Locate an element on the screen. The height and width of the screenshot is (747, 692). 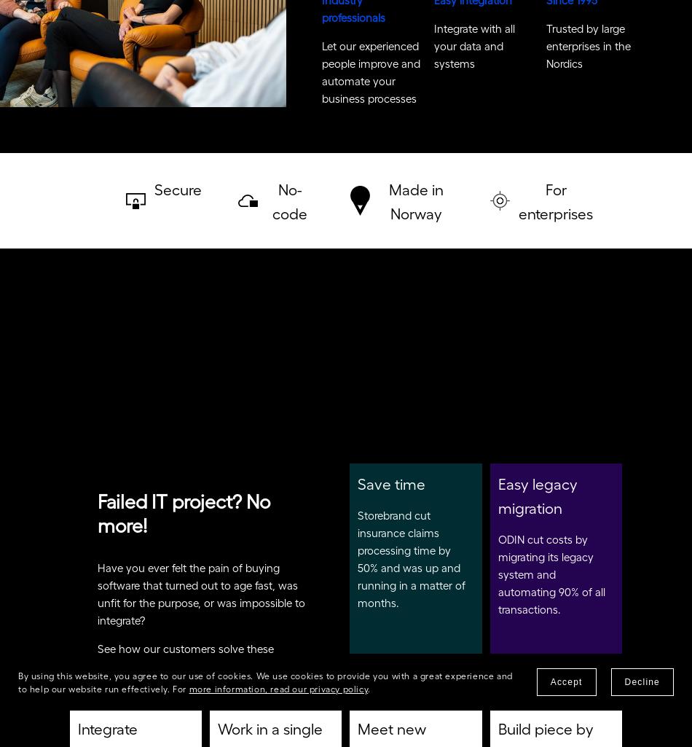
'Save time' is located at coordinates (391, 488).